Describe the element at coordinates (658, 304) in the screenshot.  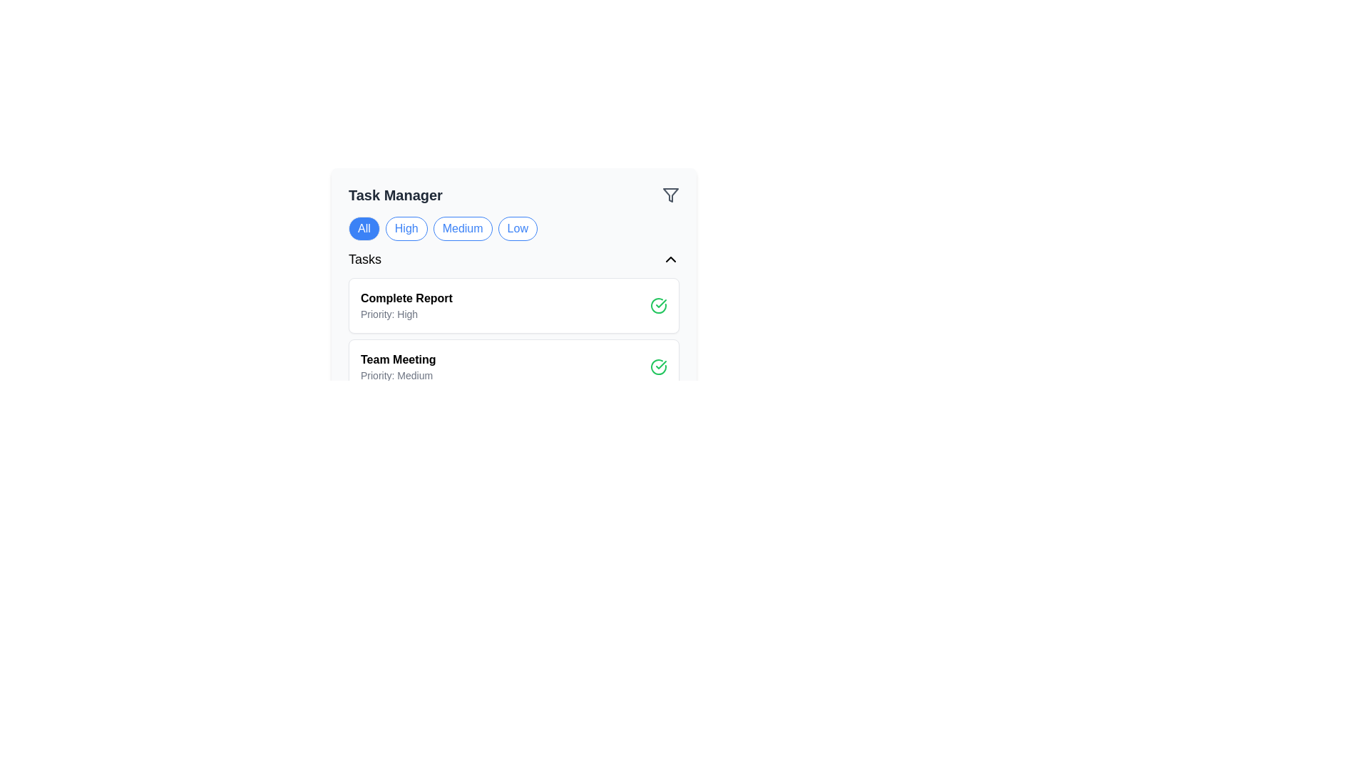
I see `the completion status icon located within the 'Complete Report' task item, aligned to the right next to the text 'Priority: High'` at that location.